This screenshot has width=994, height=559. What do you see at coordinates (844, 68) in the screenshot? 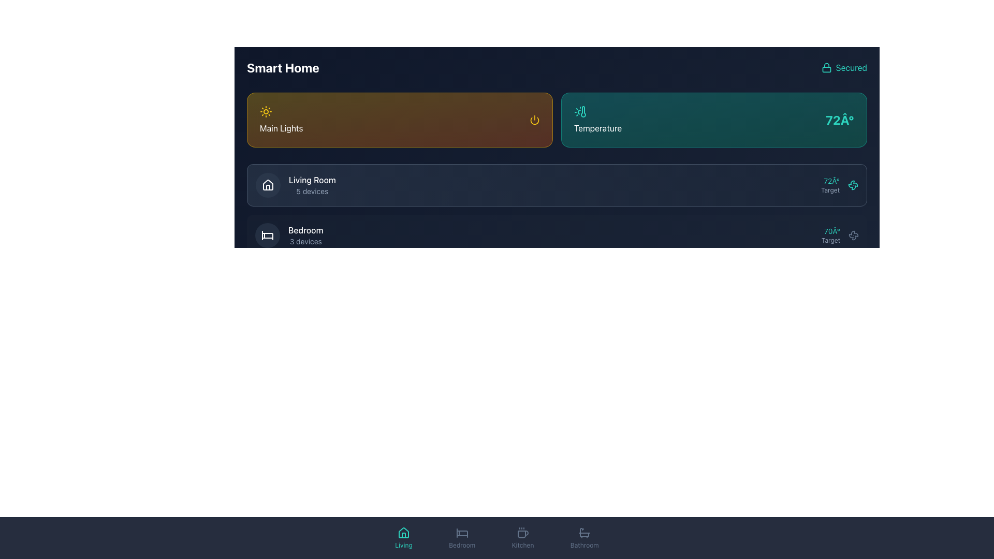
I see `the secured status label with icon in the top-right corner of the 'Smart Home' section, which provides a visual cue about the system's security` at bounding box center [844, 68].